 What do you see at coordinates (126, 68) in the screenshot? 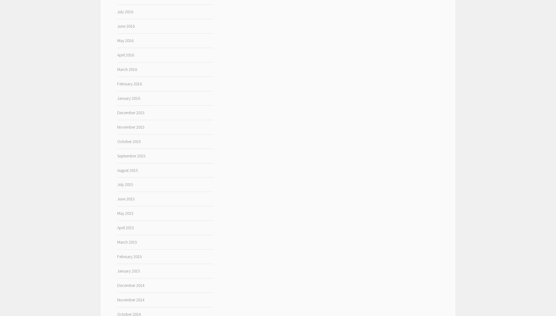
I see `'March 2016'` at bounding box center [126, 68].